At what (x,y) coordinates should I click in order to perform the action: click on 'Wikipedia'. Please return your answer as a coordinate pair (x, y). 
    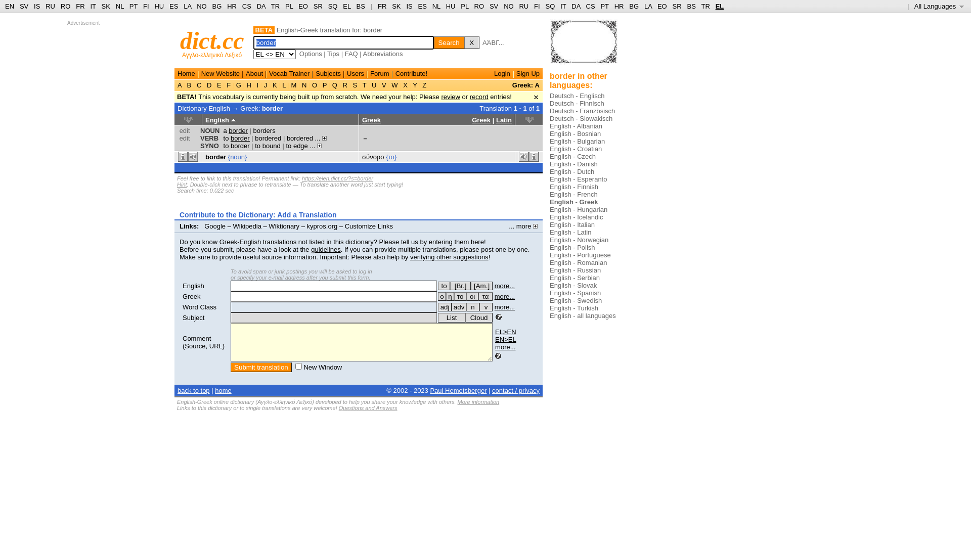
    Looking at the image, I should click on (247, 225).